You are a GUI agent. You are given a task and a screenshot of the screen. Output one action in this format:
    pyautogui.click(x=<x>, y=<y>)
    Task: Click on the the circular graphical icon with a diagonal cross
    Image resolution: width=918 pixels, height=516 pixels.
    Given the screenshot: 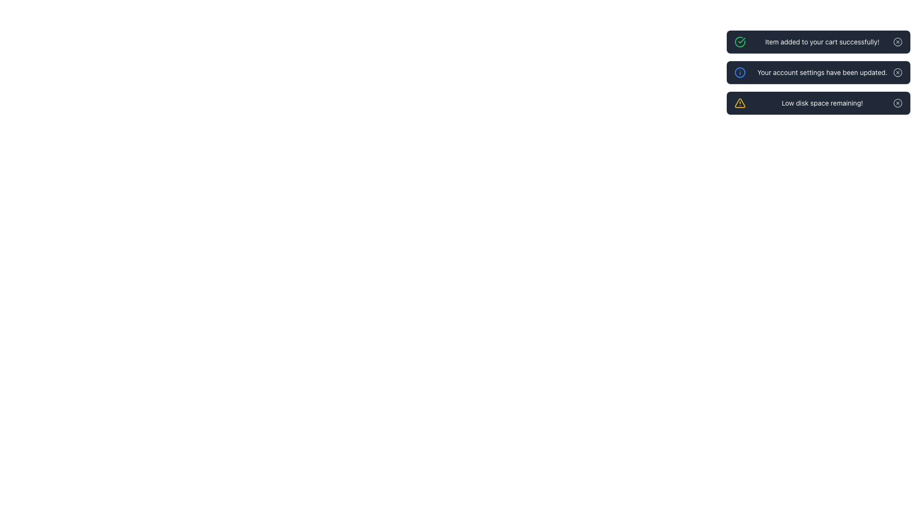 What is the action you would take?
    pyautogui.click(x=897, y=72)
    